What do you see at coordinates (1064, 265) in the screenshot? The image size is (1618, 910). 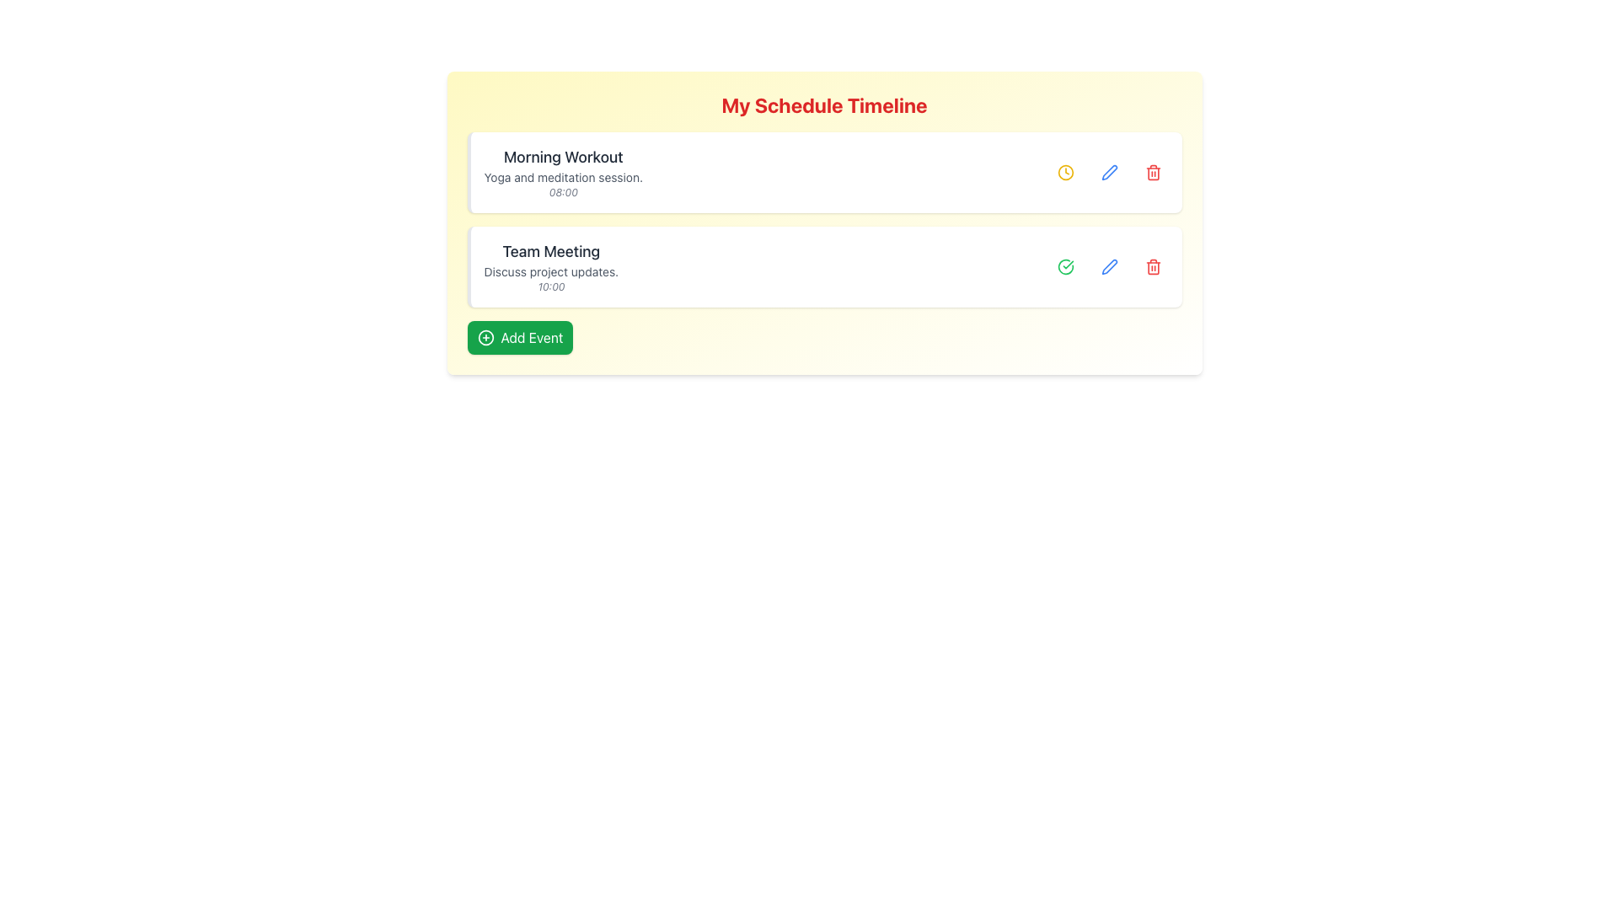 I see `the circular icon button with a green outline and a white background containing a green checkmark symbol, located to the left of the edit icon and to the right of the main text content for the 'Team Meeting' schedule item` at bounding box center [1064, 265].